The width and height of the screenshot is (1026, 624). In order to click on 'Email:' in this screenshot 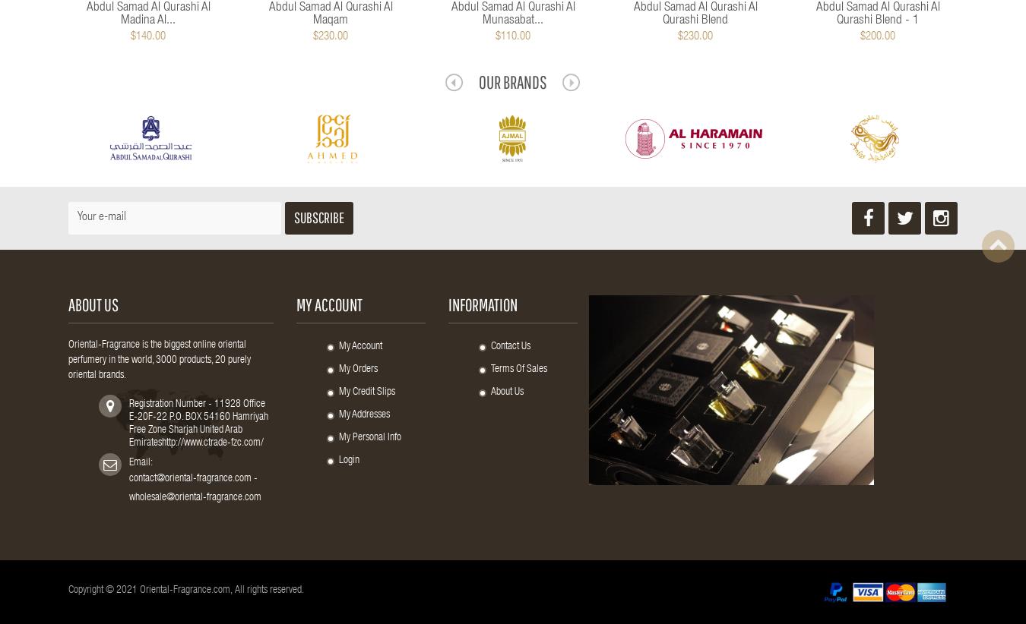, I will do `click(140, 462)`.